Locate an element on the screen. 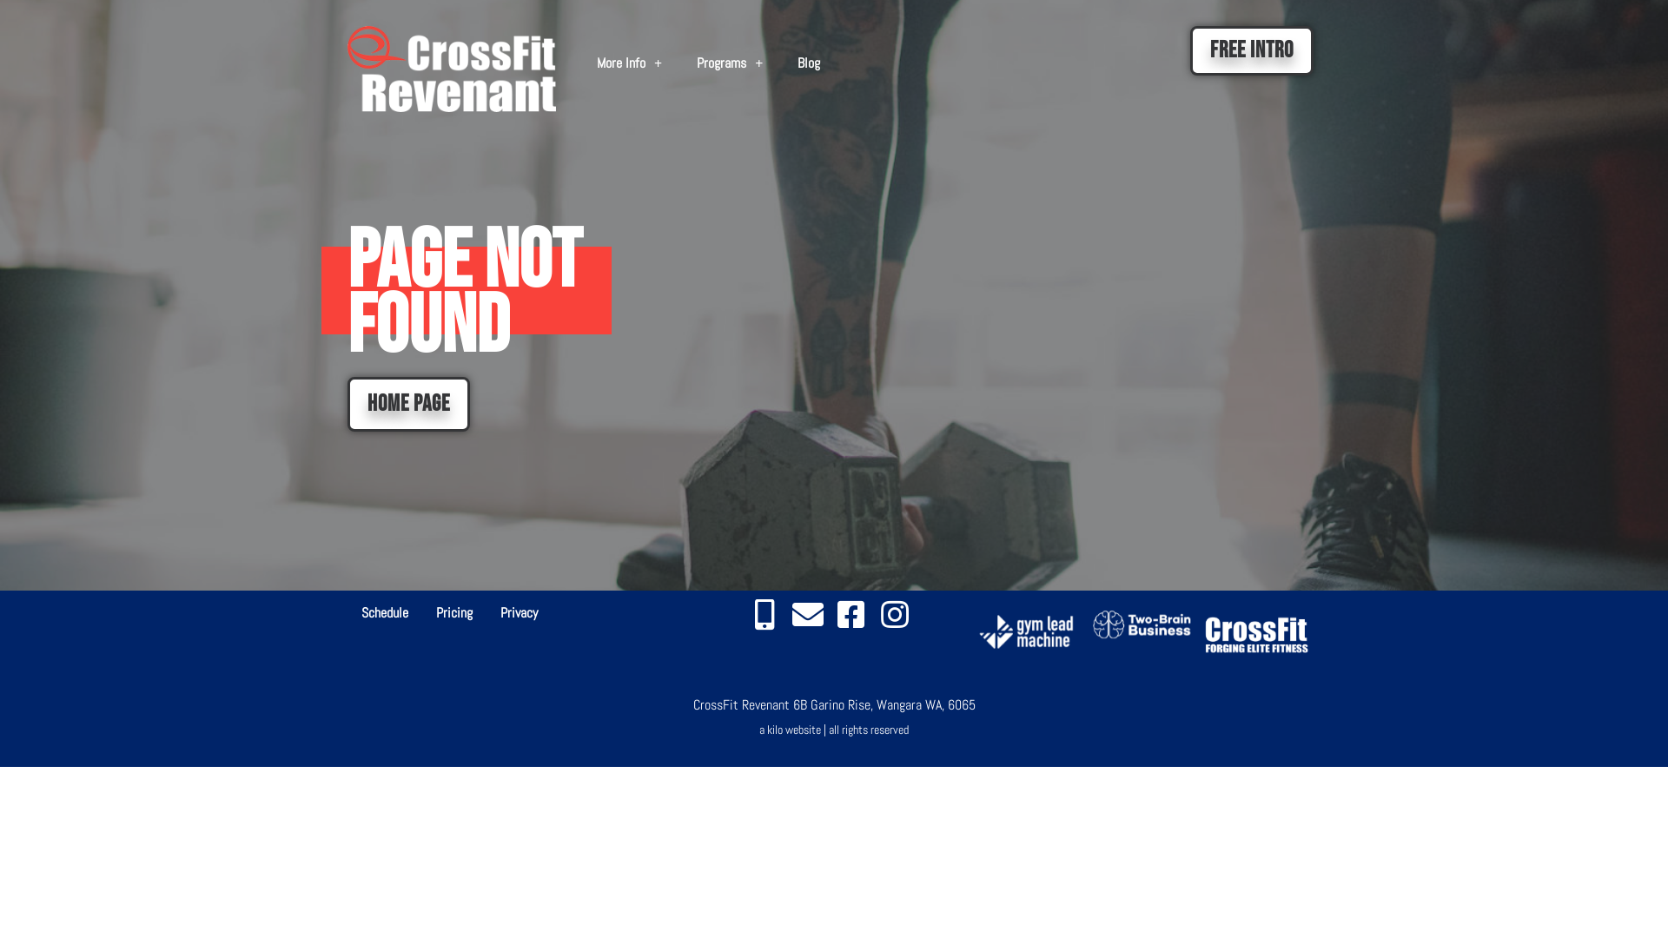 The width and height of the screenshot is (1668, 938). 'a kilo website' is located at coordinates (789, 730).